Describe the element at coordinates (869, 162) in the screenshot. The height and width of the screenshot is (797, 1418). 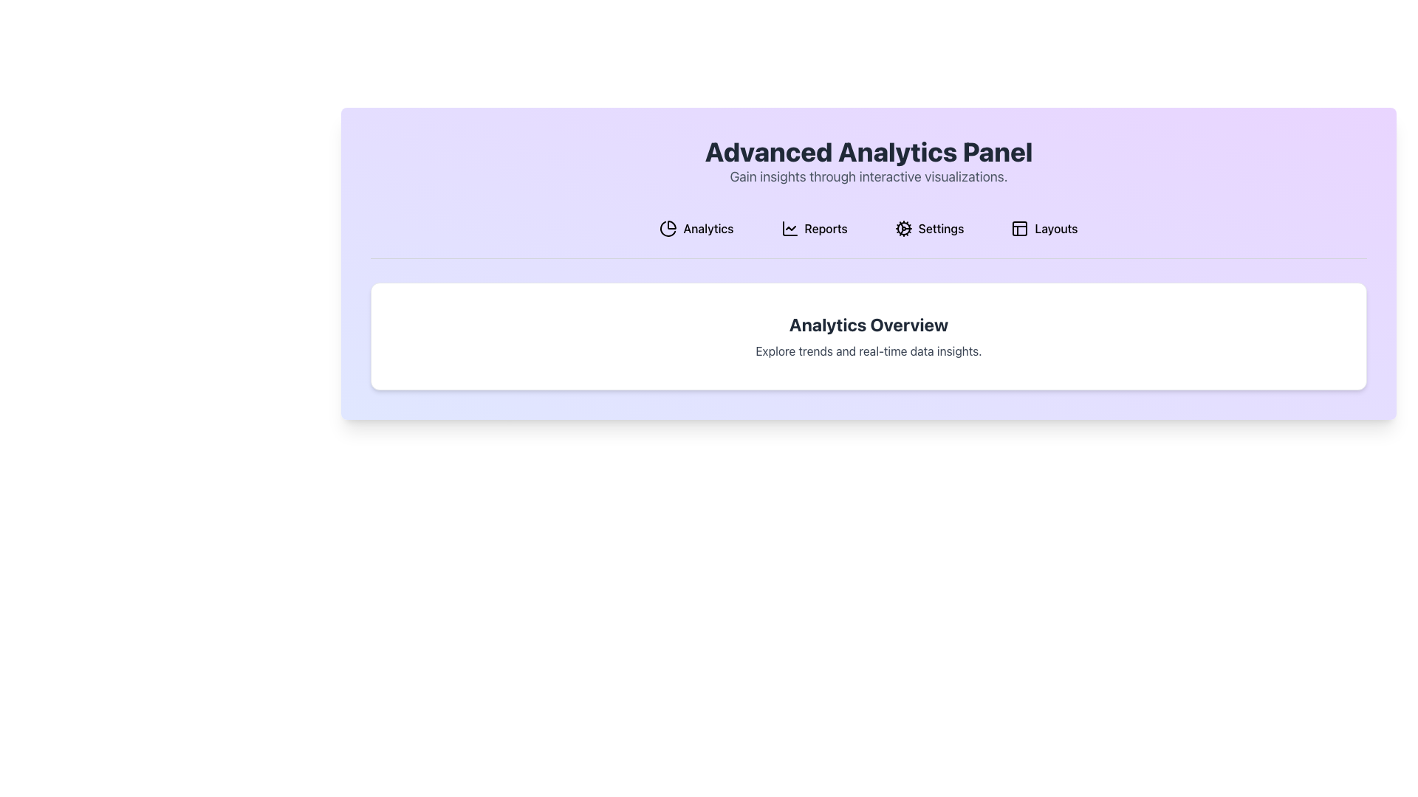
I see `header content that provides context about the advanced analytics functionalities, which is centrally aligned above the navigation bar` at that location.